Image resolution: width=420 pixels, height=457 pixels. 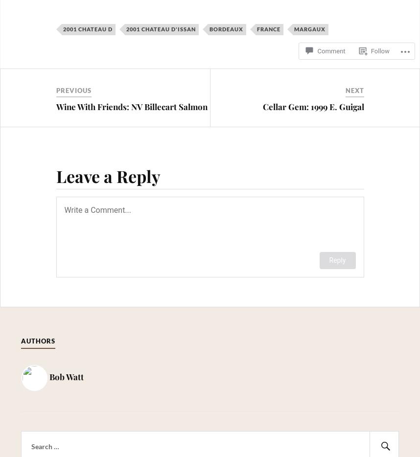 What do you see at coordinates (309, 29) in the screenshot?
I see `'Margaux'` at bounding box center [309, 29].